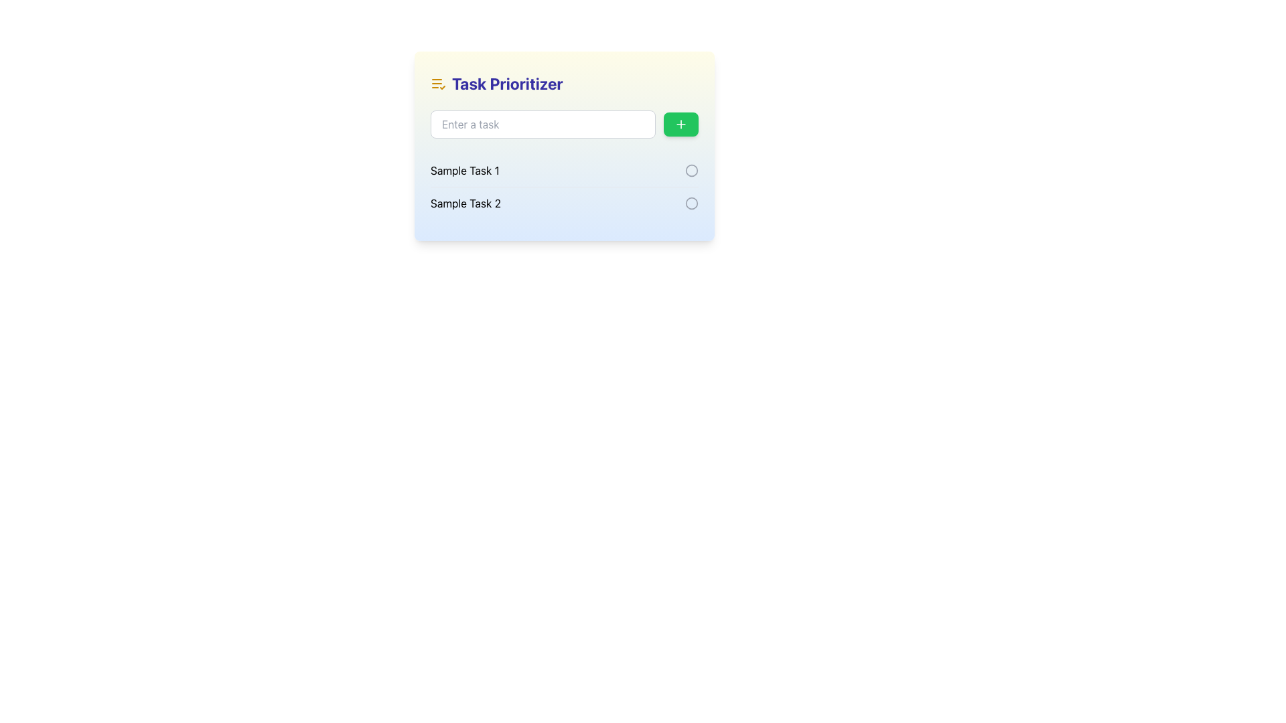  Describe the element at coordinates (691, 169) in the screenshot. I see `the grey circular graphic located to the right of the 'Sample Task 2' text` at that location.